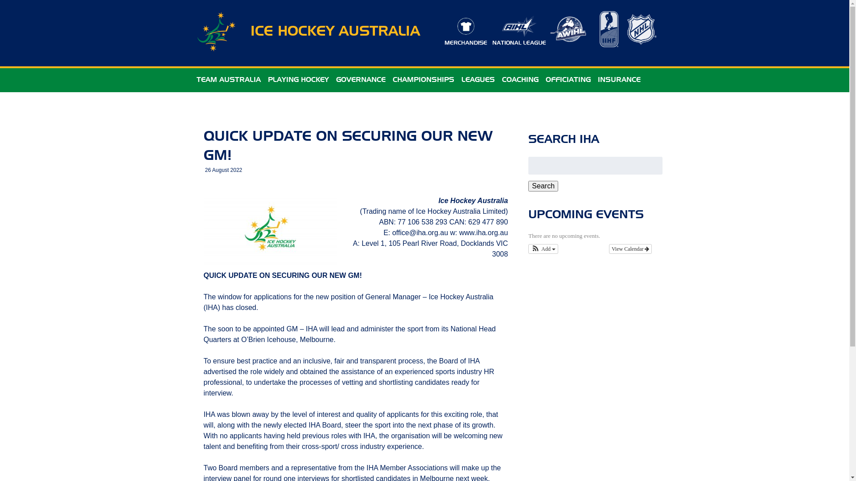 Image resolution: width=856 pixels, height=481 pixels. I want to click on 'LEAGUES', so click(477, 80).